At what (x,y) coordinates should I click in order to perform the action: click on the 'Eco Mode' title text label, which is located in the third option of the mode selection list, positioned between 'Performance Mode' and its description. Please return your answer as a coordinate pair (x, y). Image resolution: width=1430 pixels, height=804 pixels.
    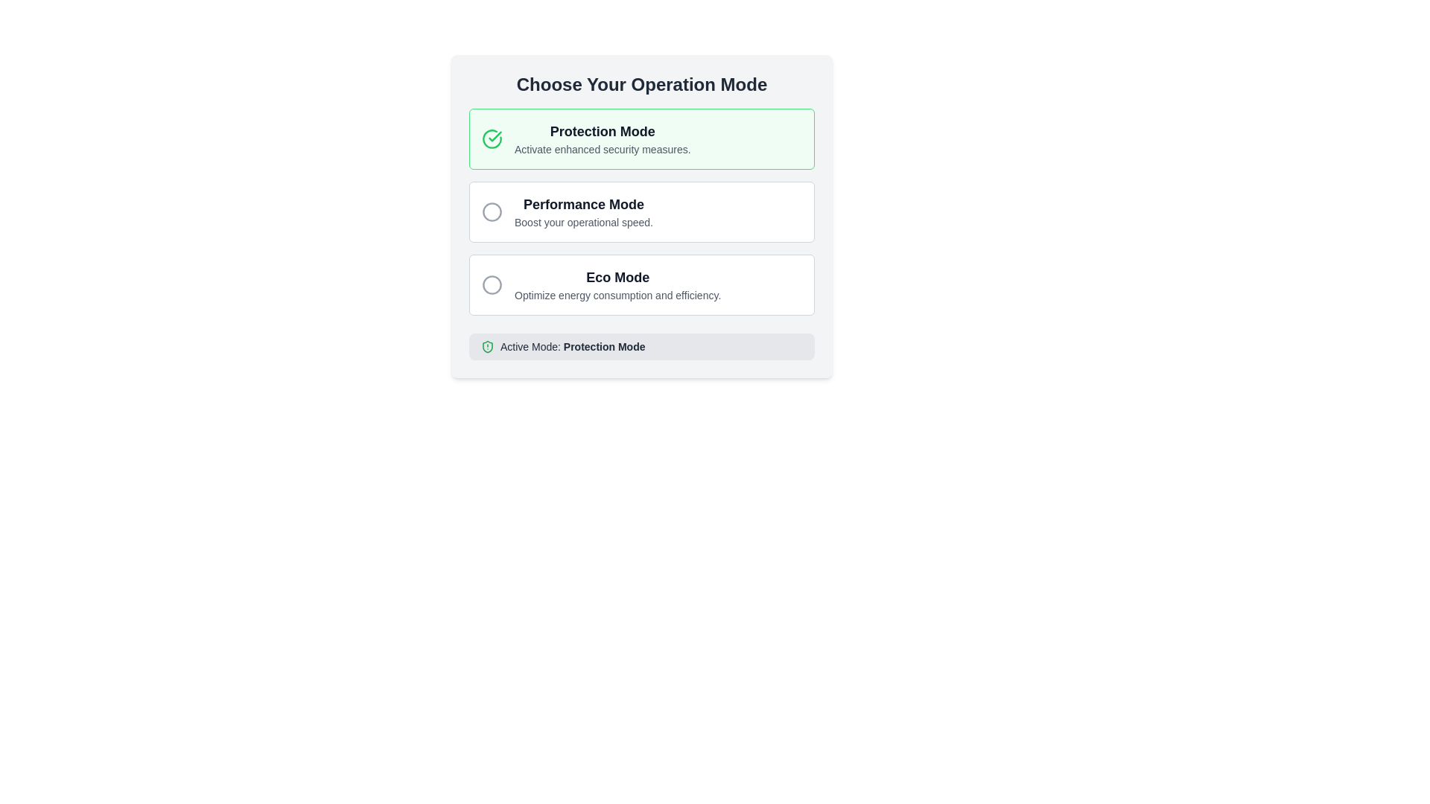
    Looking at the image, I should click on (617, 278).